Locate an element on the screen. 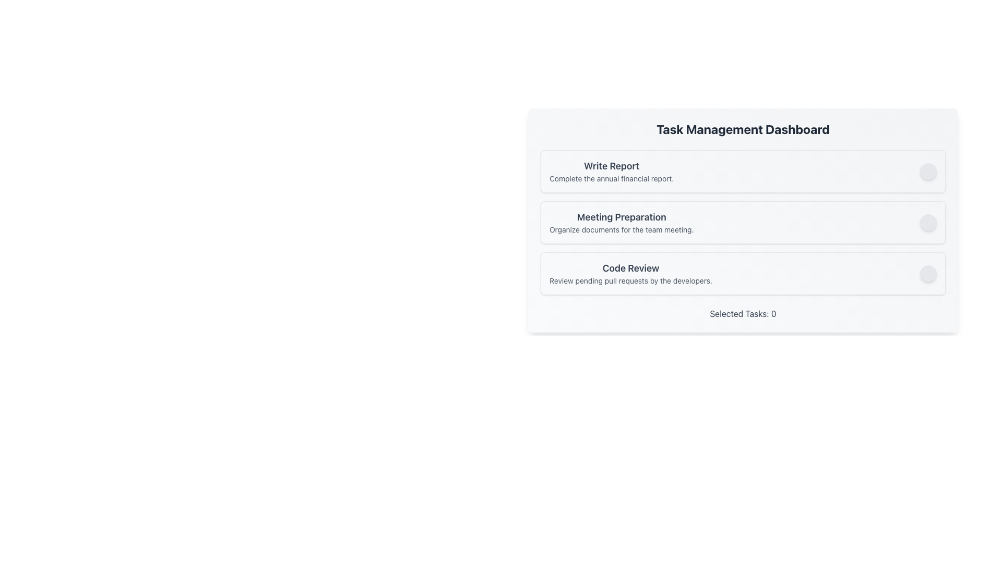 The image size is (1002, 563). the Text Label providing context for the task 'Write Report', located directly beneath the header text is located at coordinates (612, 178).